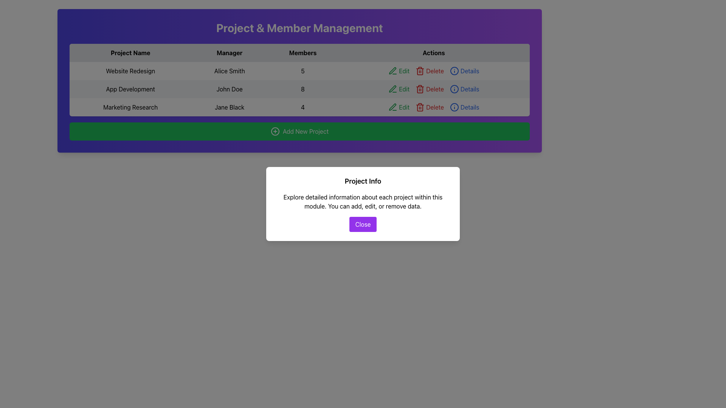 This screenshot has height=408, width=726. Describe the element at coordinates (392, 107) in the screenshot. I see `the green stroke icon resembling a pen or pencil associated with the 'Marketing Research' project` at that location.